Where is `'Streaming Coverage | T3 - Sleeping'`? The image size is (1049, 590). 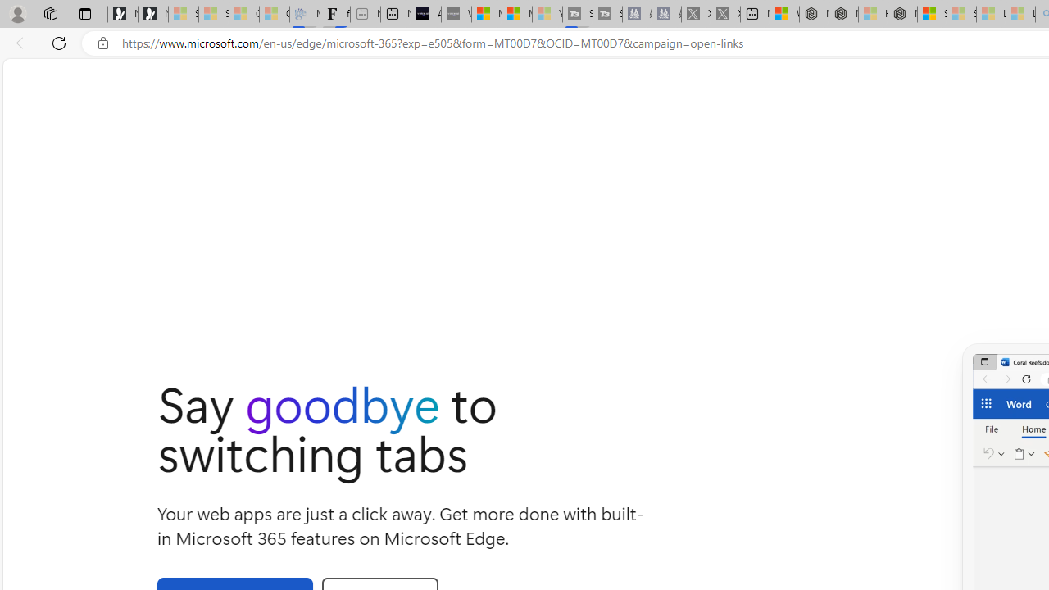 'Streaming Coverage | T3 - Sleeping' is located at coordinates (578, 14).